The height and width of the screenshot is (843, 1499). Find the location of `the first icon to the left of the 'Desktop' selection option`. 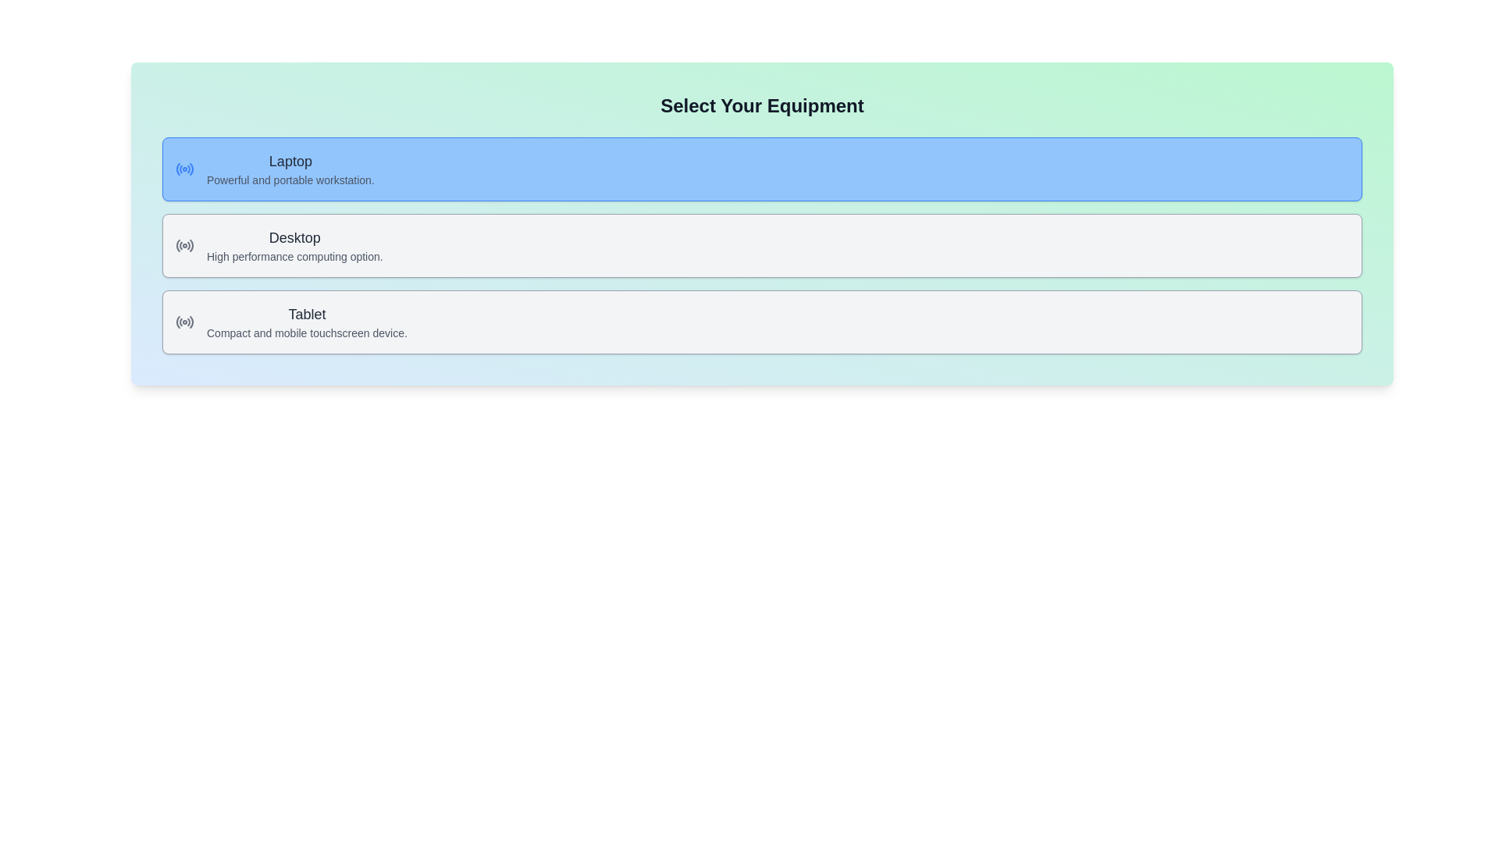

the first icon to the left of the 'Desktop' selection option is located at coordinates (184, 246).